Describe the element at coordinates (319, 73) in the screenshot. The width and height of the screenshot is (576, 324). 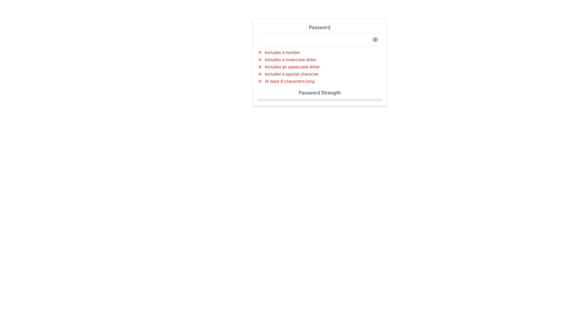
I see `the fourth validation message in the list that displays 'Includes a special character' for additional information` at that location.